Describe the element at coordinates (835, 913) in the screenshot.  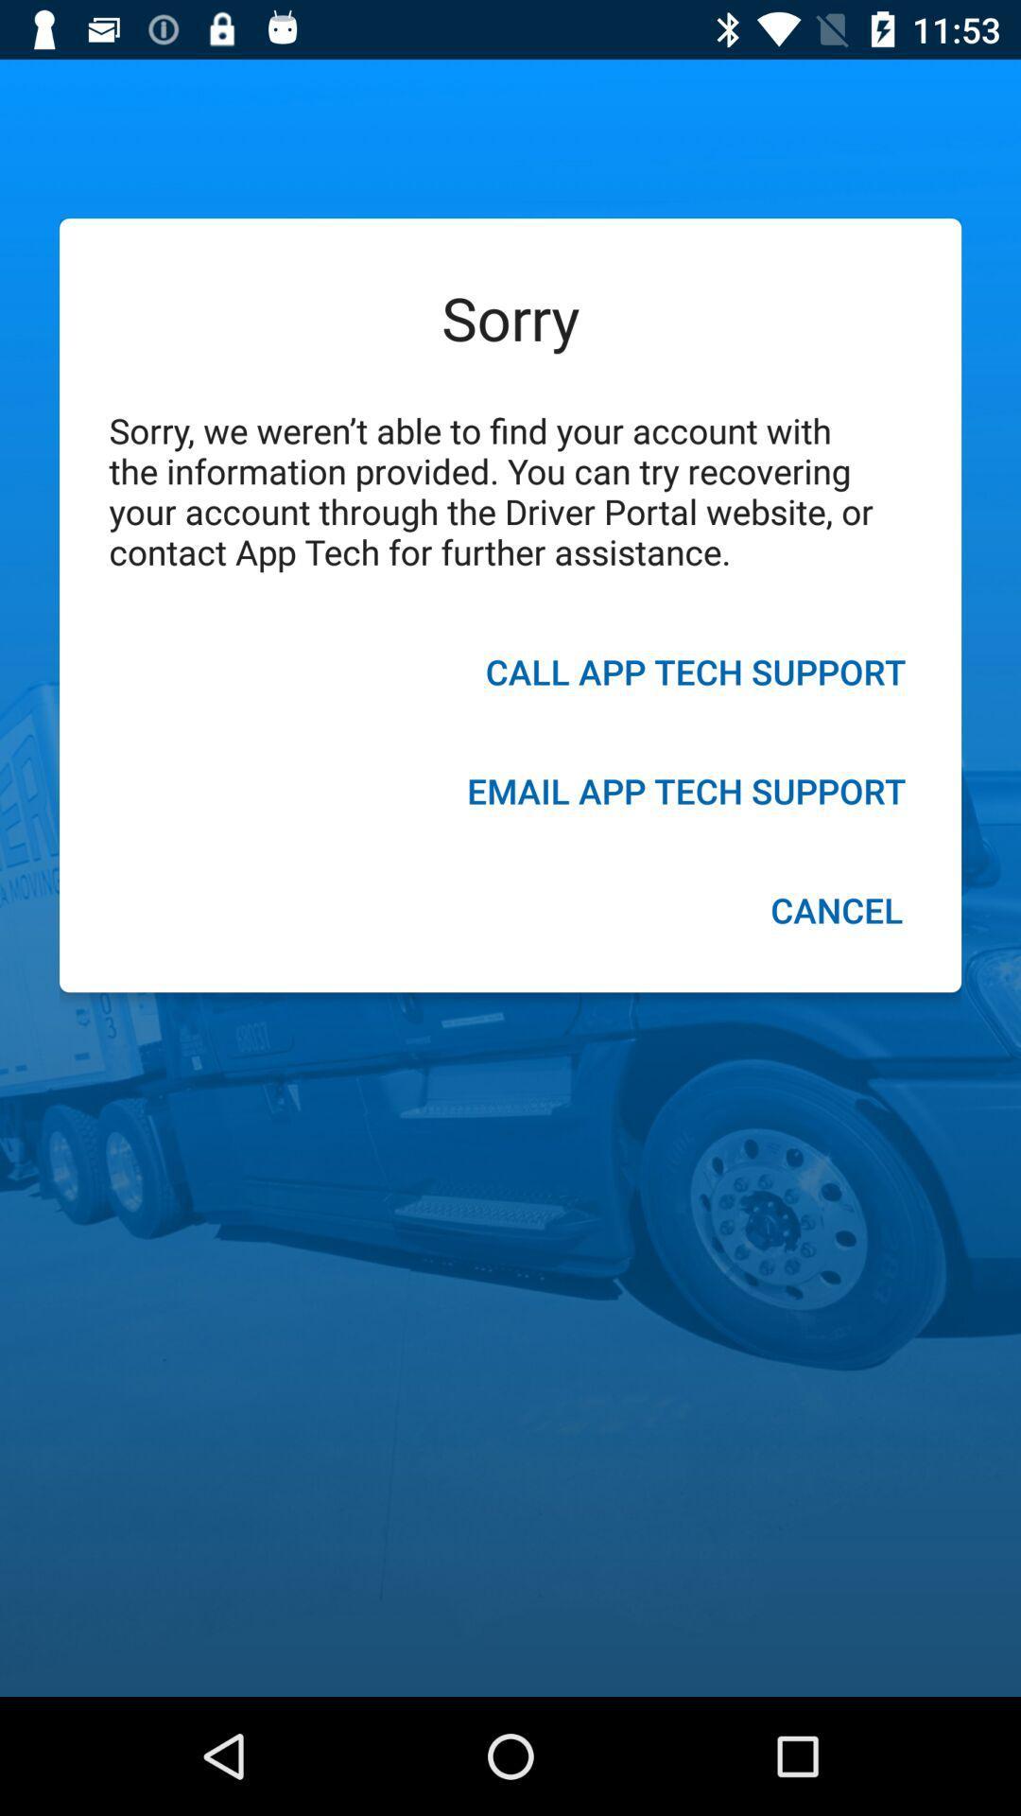
I see `the icon below the email app tech icon` at that location.